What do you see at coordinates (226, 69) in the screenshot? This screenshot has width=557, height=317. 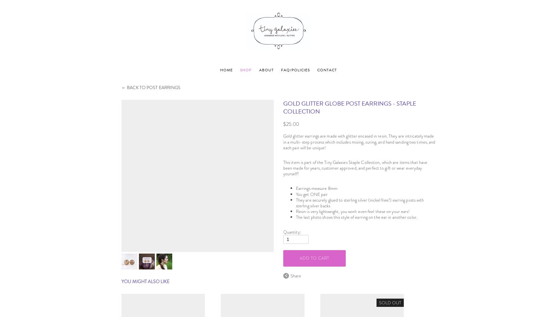 I see `'Home'` at bounding box center [226, 69].